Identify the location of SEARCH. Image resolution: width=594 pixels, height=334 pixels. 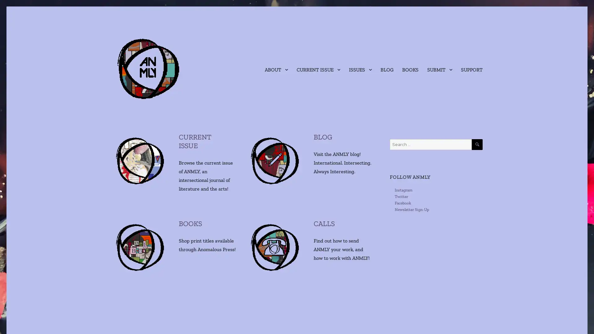
(477, 144).